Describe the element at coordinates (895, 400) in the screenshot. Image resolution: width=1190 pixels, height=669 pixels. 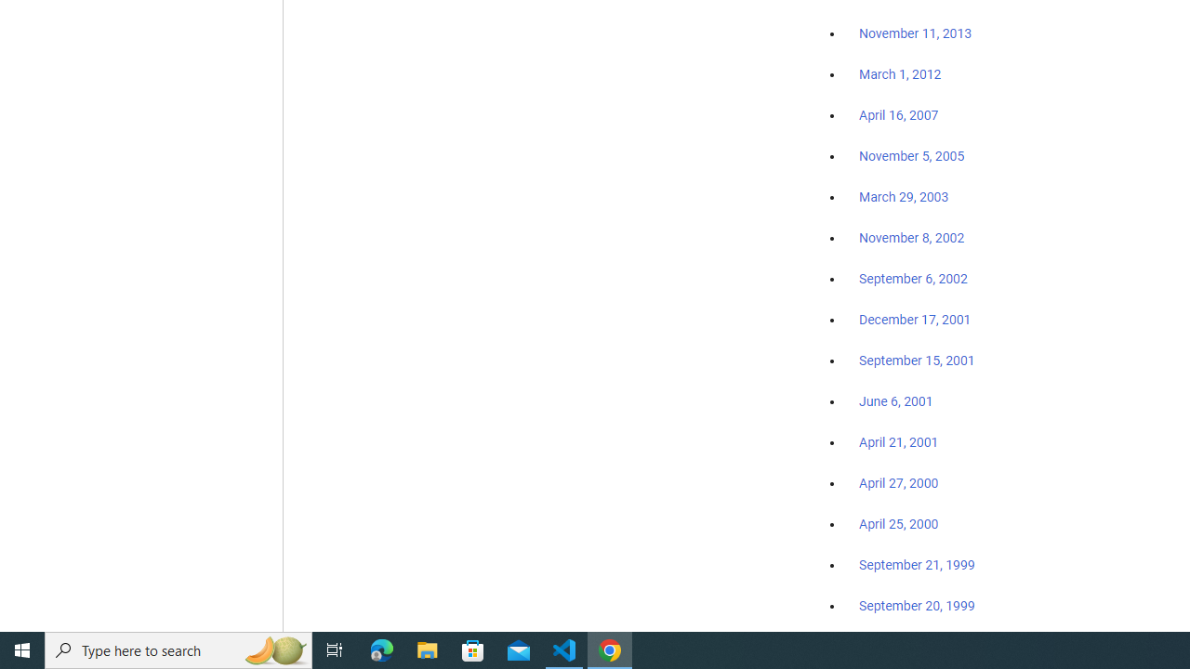
I see `'June 6, 2001'` at that location.